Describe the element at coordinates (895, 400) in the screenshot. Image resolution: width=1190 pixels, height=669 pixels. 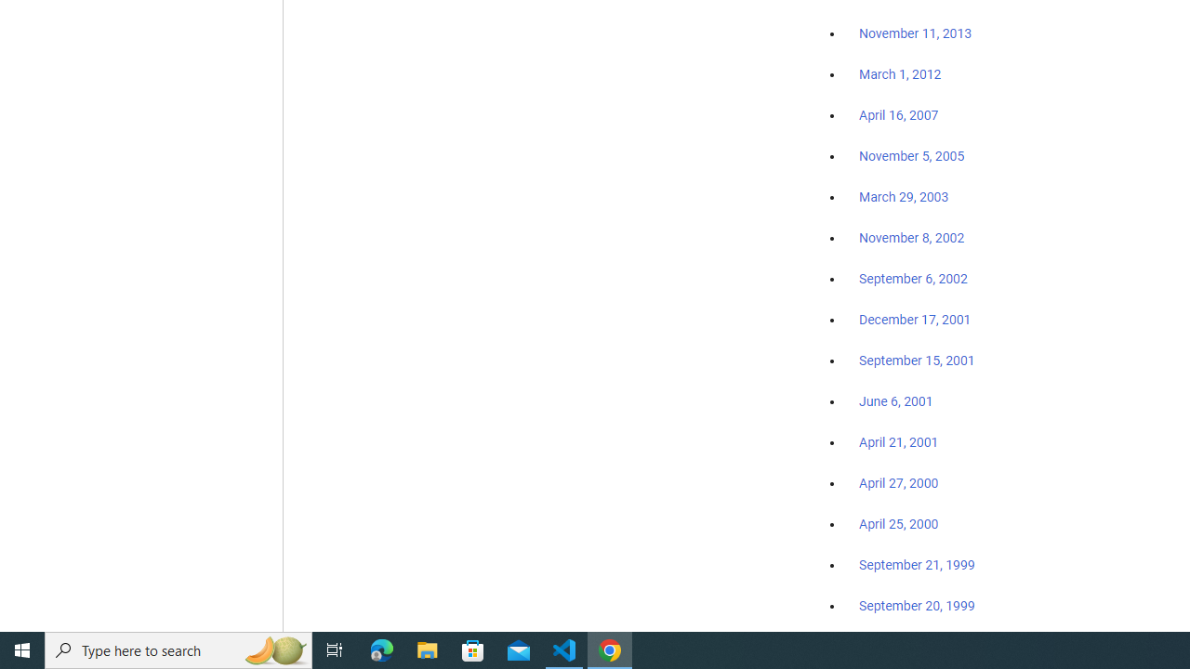
I see `'June 6, 2001'` at that location.